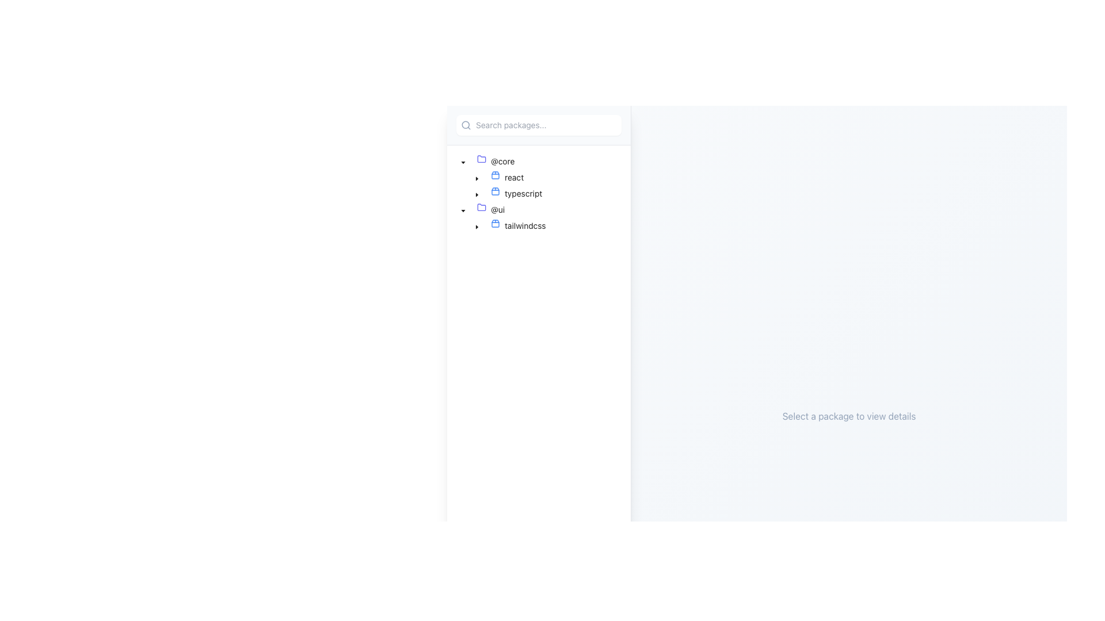 This screenshot has height=621, width=1105. Describe the element at coordinates (481, 159) in the screenshot. I see `the folder icon representation located in the '@core' package outline in the navigator panel, positioned at the upper segment of the collapsible folders` at that location.